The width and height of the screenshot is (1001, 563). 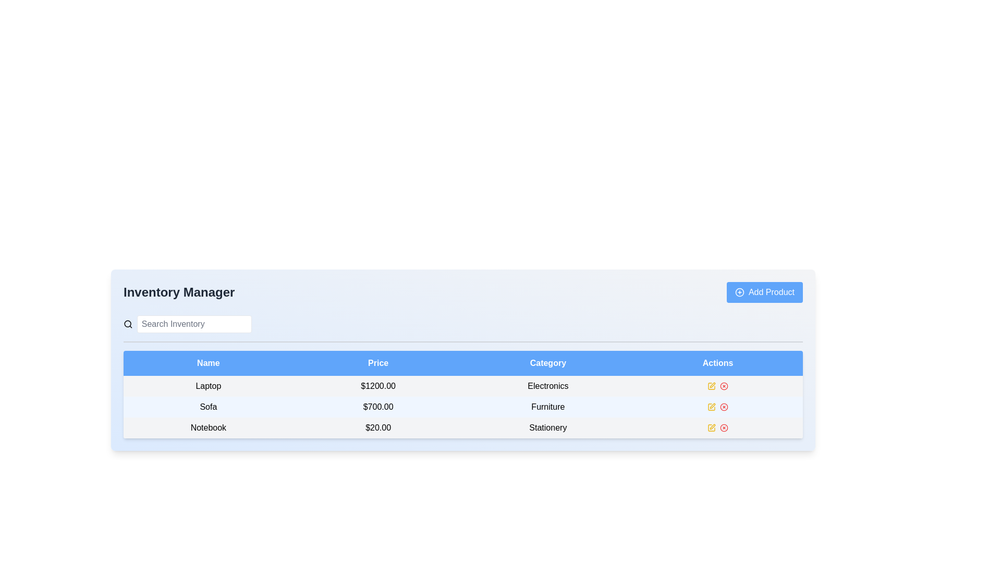 What do you see at coordinates (547, 406) in the screenshot?
I see `text label 'Furniture' located in the 'Category' column of the second row of the table to comprehend the category` at bounding box center [547, 406].